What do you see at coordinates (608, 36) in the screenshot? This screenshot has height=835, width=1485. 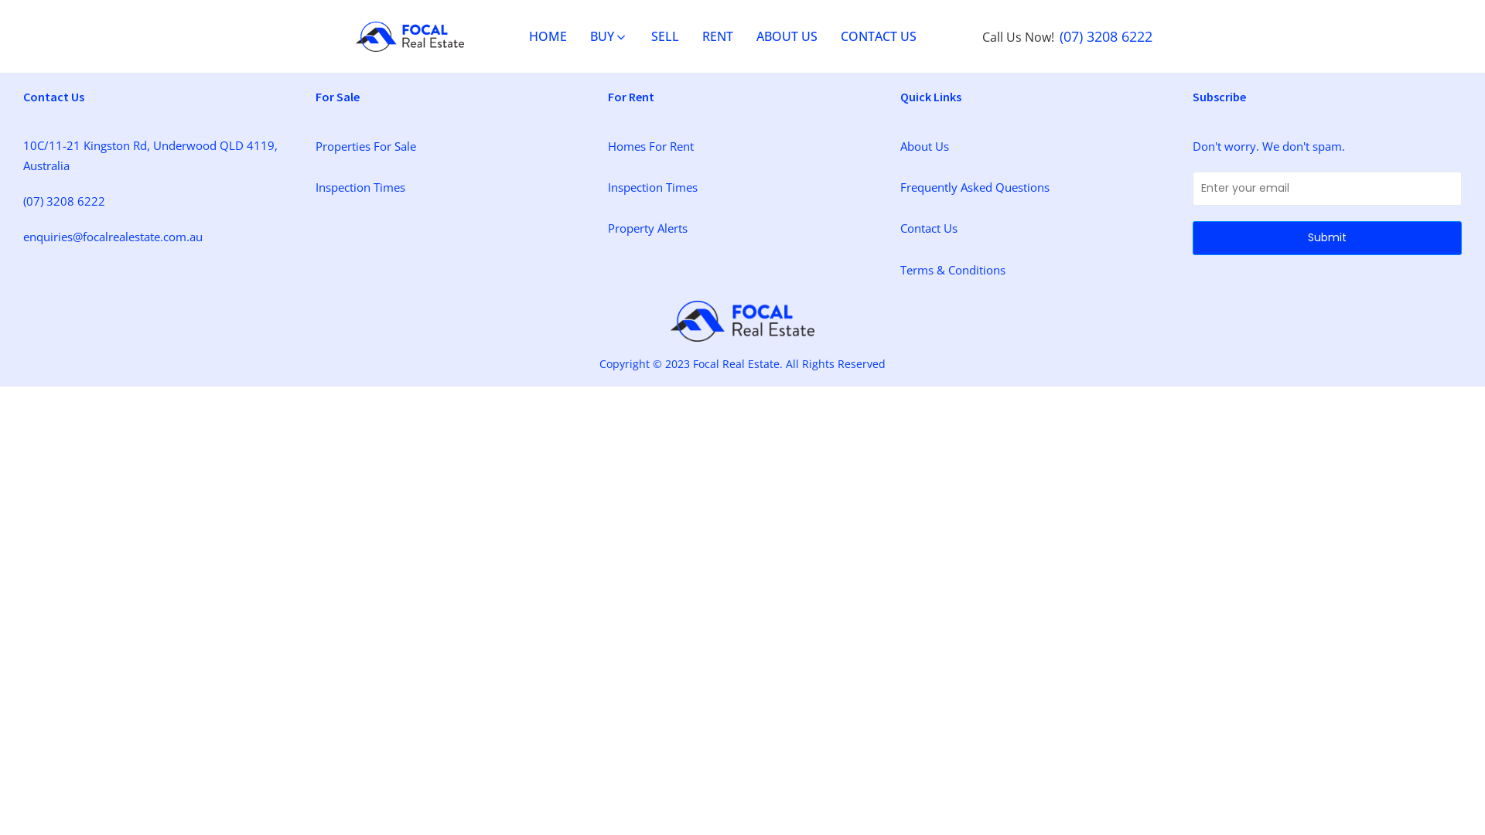 I see `'BUY'` at bounding box center [608, 36].